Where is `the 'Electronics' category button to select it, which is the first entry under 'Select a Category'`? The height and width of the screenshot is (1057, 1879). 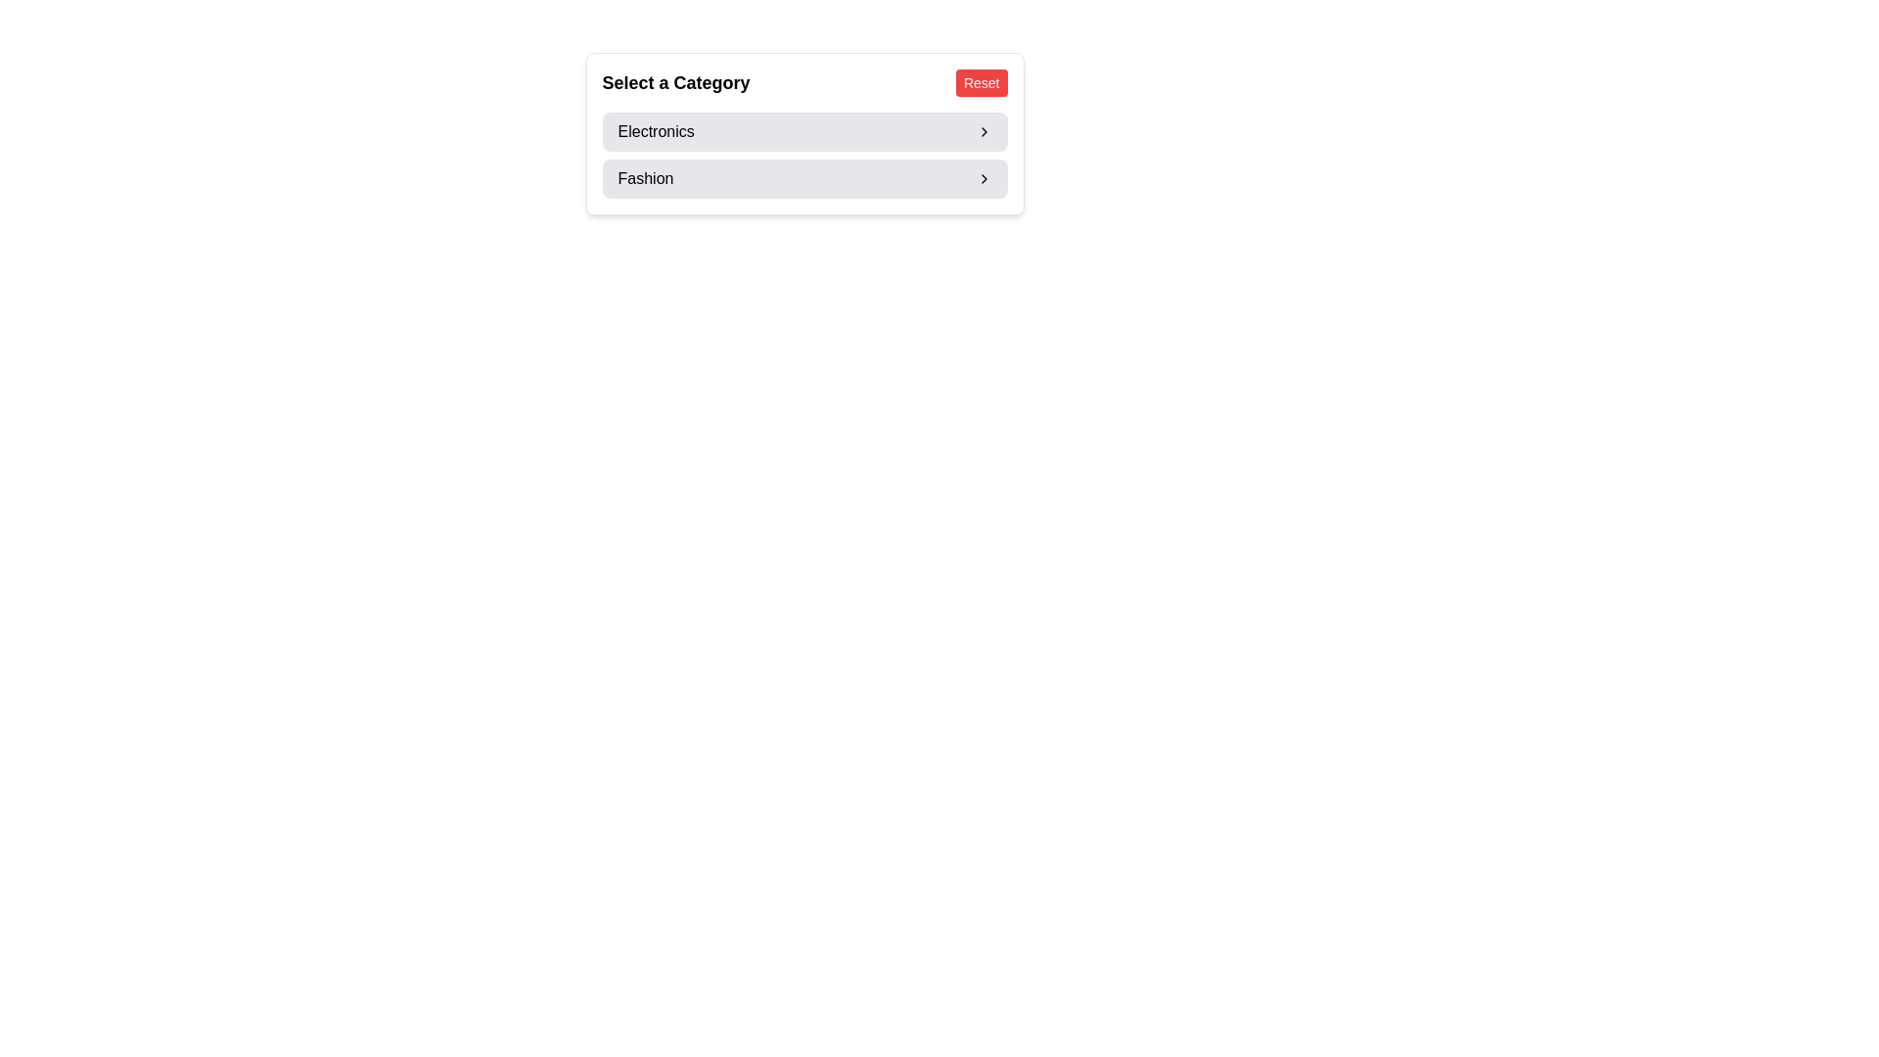 the 'Electronics' category button to select it, which is the first entry under 'Select a Category' is located at coordinates (804, 133).